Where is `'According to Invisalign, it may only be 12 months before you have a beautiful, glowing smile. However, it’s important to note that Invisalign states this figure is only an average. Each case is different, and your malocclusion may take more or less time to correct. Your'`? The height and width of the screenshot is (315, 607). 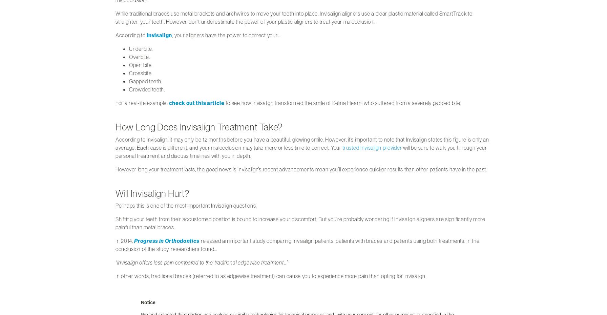 'According to Invisalign, it may only be 12 months before you have a beautiful, glowing smile. However, it’s important to note that Invisalign states this figure is only an average. Each case is different, and your malocclusion may take more or less time to correct. Your' is located at coordinates (302, 143).